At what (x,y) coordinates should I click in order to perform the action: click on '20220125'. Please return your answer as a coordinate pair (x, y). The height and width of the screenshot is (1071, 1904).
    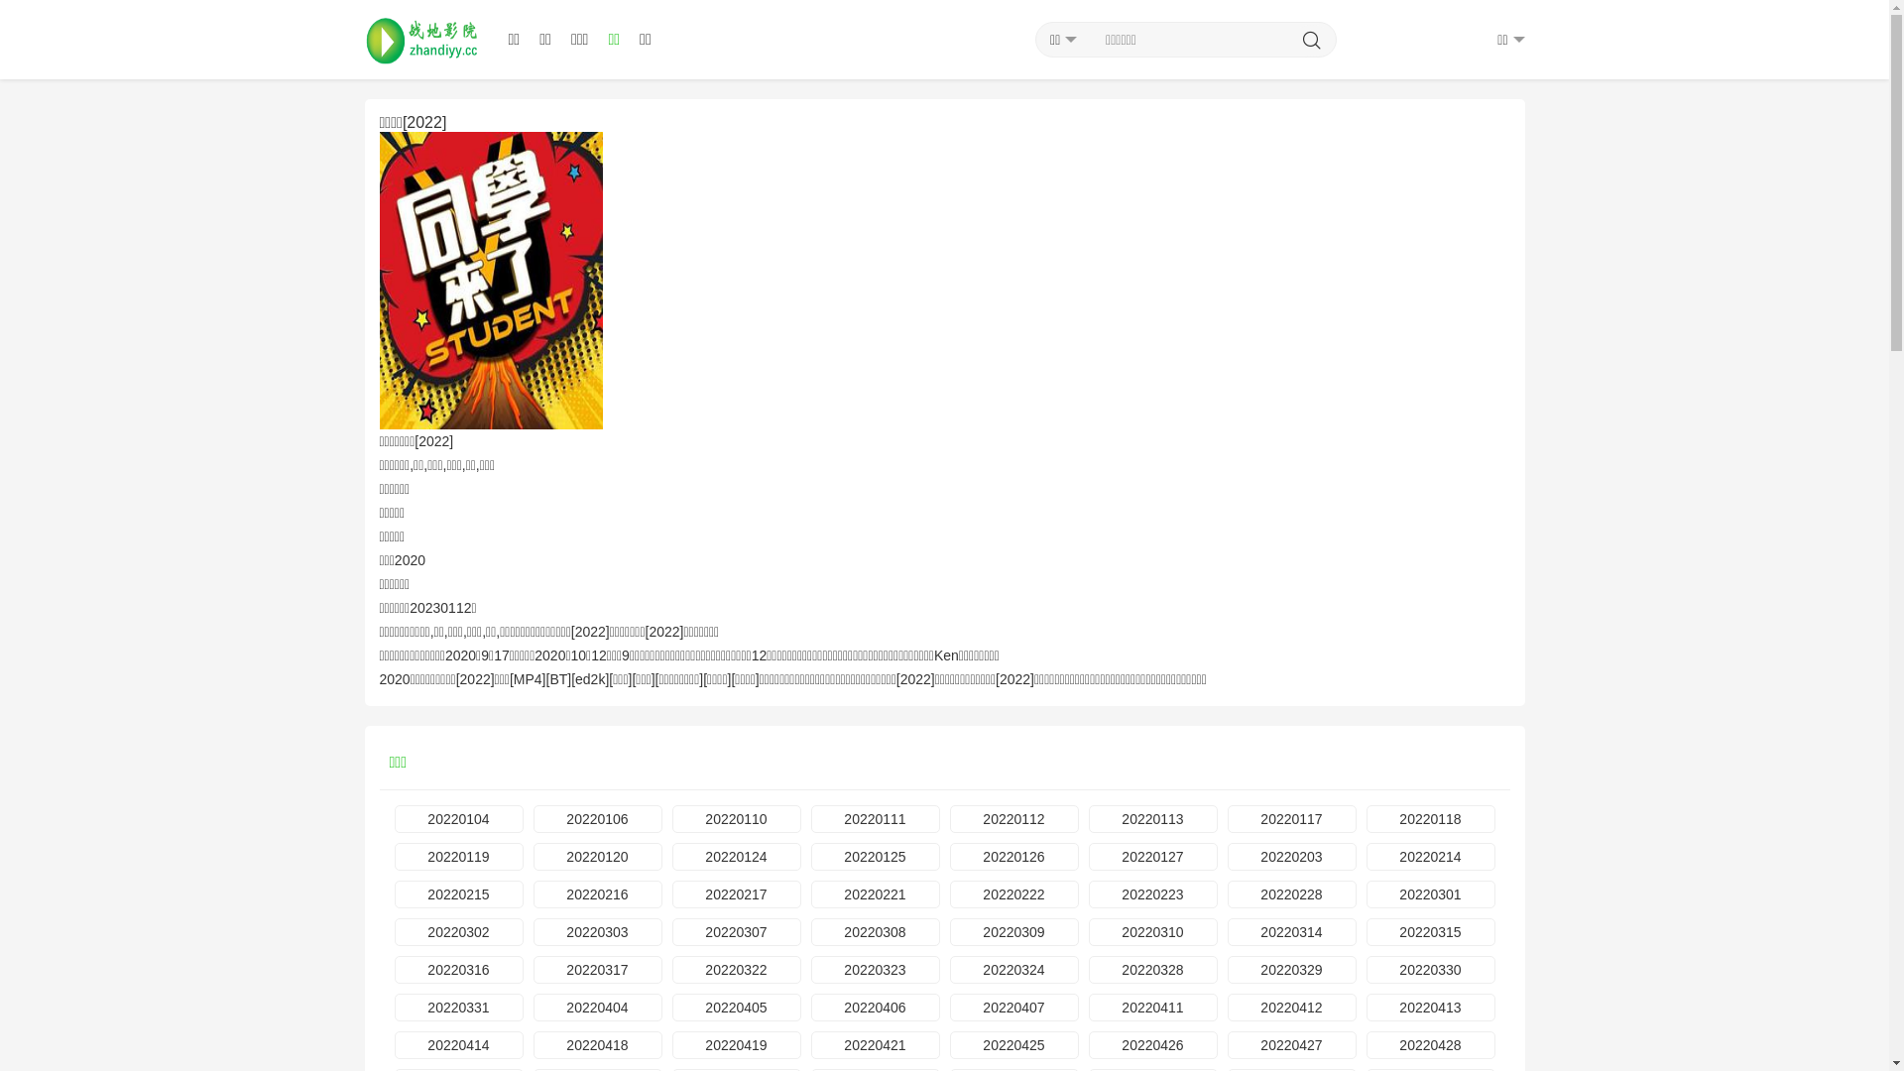
    Looking at the image, I should click on (875, 856).